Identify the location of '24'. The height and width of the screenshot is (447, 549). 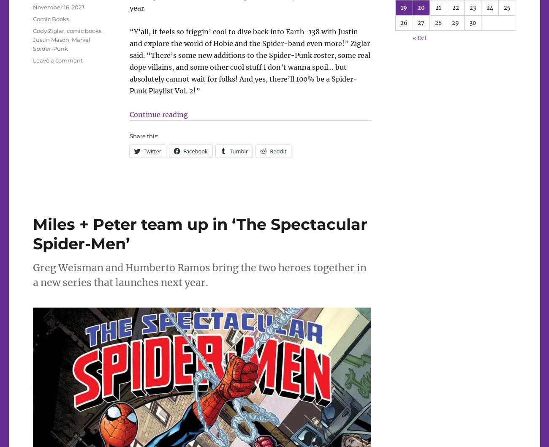
(489, 7).